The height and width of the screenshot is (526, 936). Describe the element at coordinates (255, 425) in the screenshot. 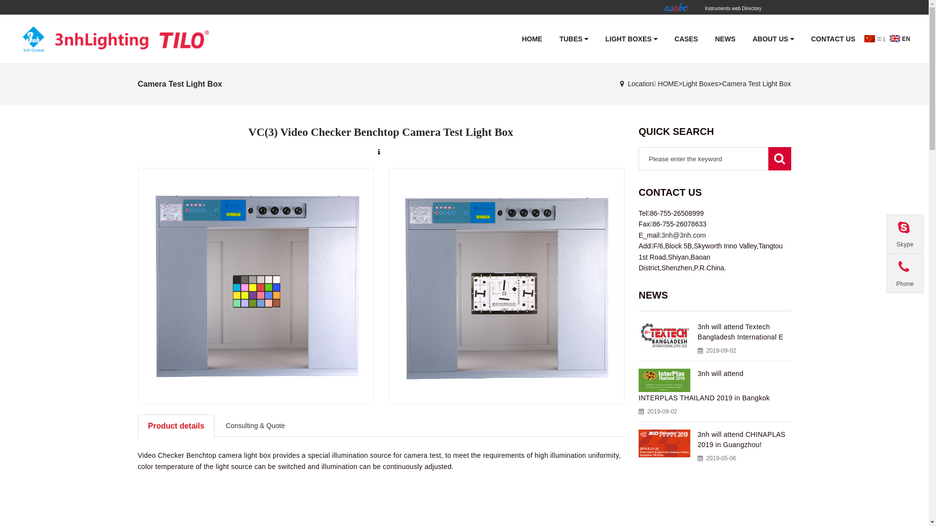

I see `'Consulting & Quote'` at that location.